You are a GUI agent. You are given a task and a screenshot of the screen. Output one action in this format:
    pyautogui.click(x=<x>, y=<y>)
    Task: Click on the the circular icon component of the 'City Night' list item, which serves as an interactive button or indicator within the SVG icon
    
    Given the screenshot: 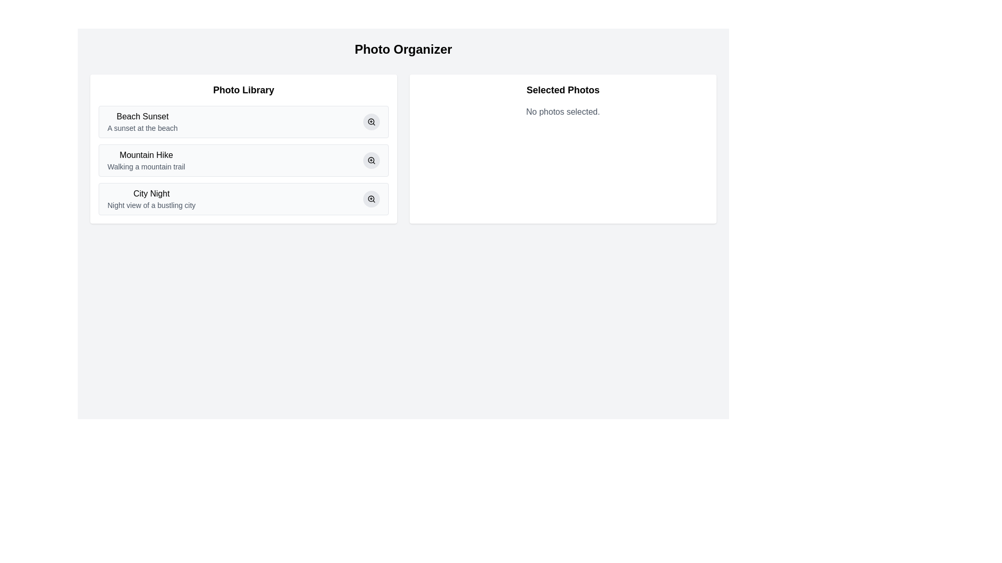 What is the action you would take?
    pyautogui.click(x=371, y=199)
    